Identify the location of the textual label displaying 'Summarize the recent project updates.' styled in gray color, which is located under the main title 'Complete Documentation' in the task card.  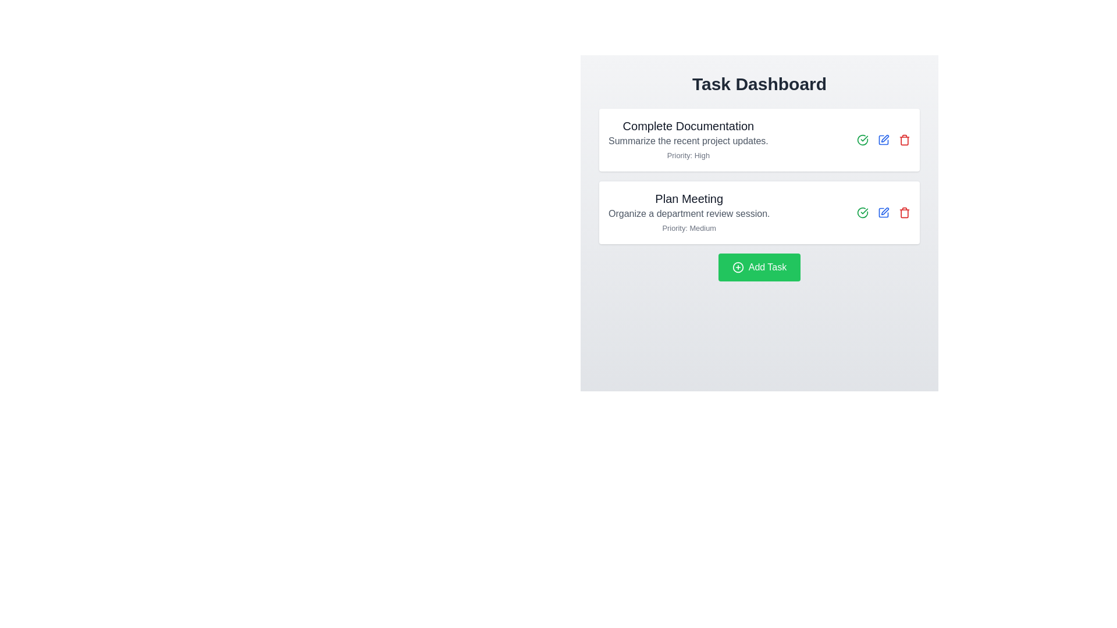
(688, 141).